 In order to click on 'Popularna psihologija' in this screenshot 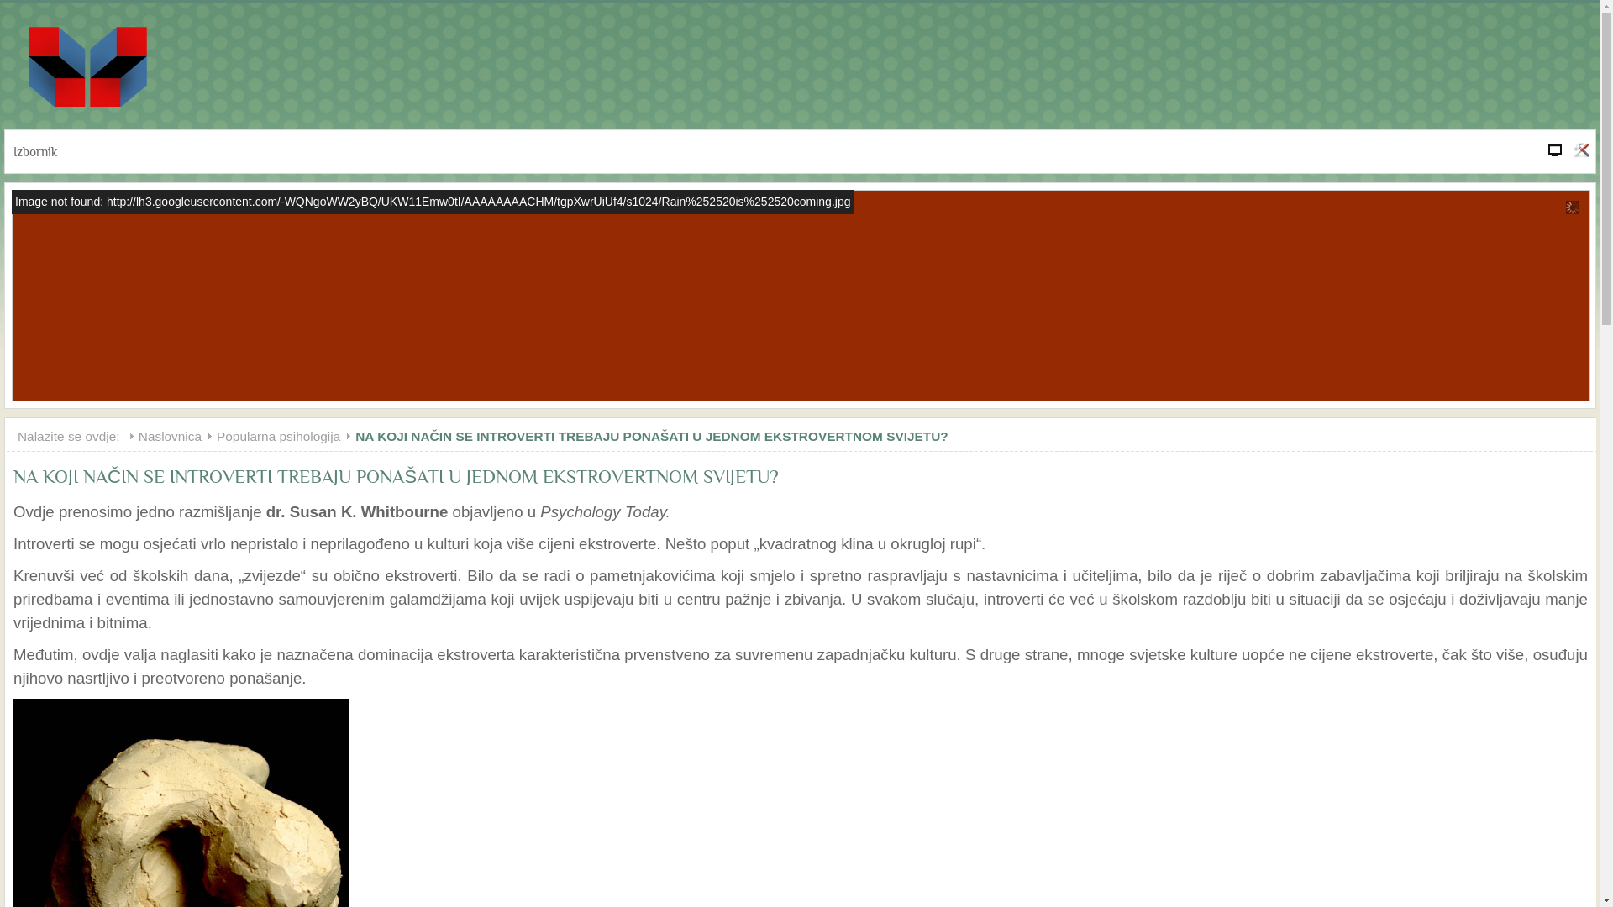, I will do `click(216, 435)`.